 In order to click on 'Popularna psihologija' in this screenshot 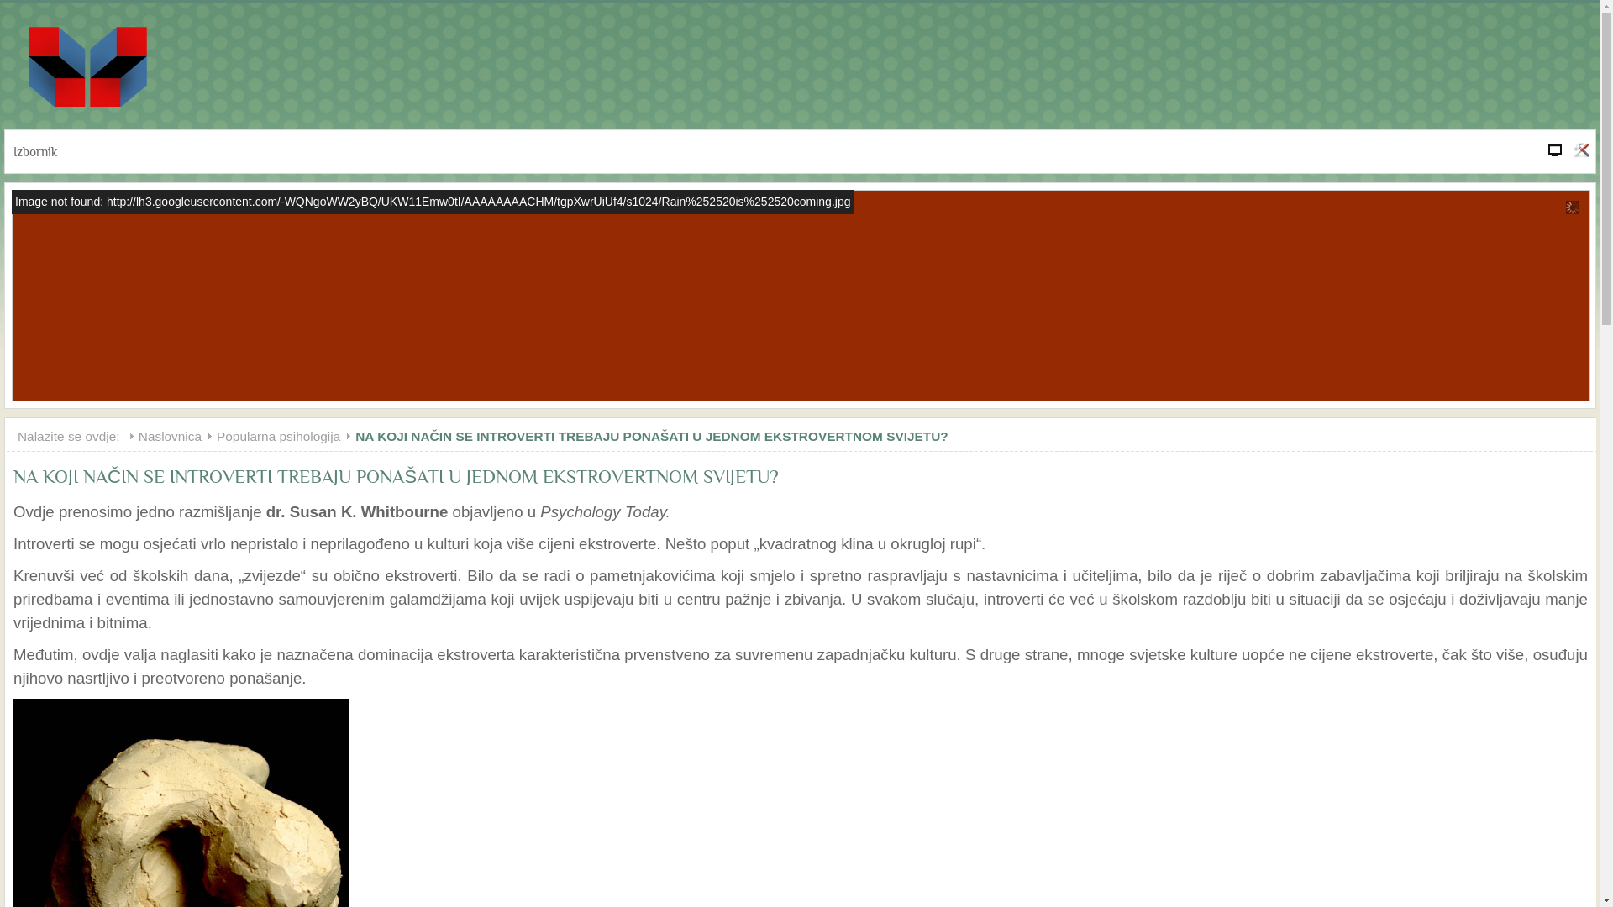, I will do `click(216, 435)`.